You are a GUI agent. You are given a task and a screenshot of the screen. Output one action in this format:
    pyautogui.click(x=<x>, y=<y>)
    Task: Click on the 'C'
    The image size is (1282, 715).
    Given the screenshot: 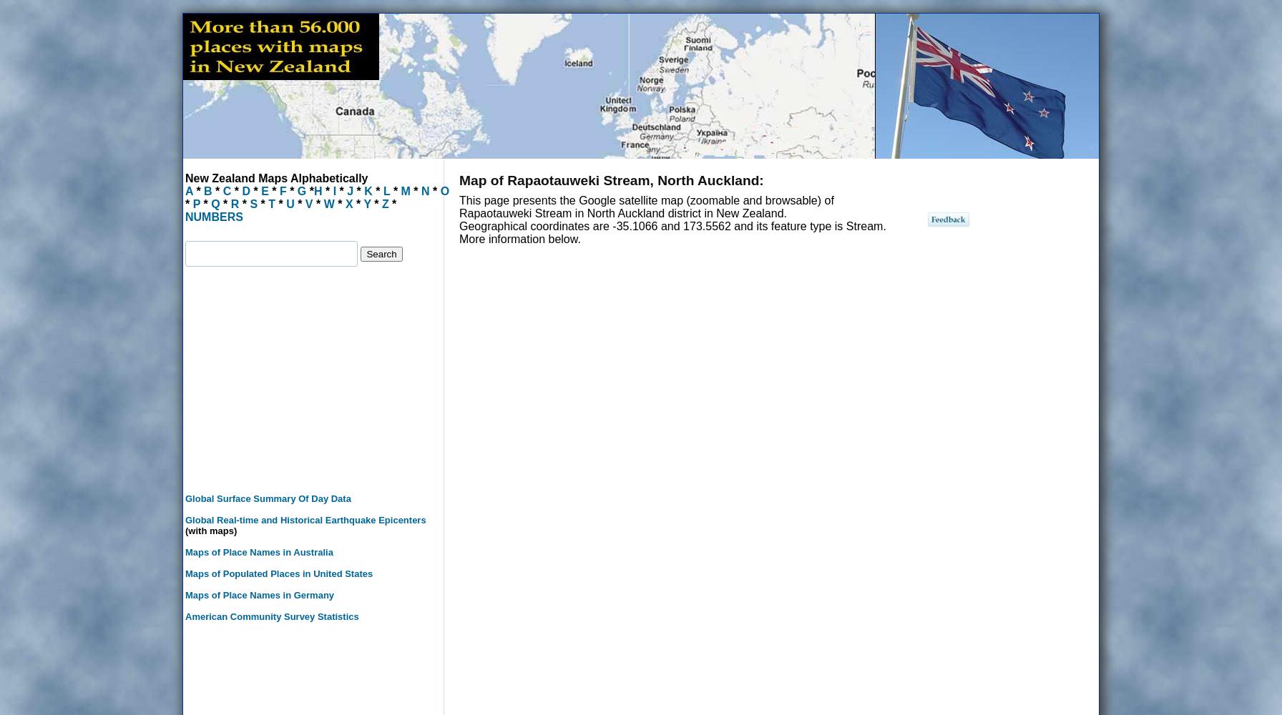 What is the action you would take?
    pyautogui.click(x=227, y=191)
    